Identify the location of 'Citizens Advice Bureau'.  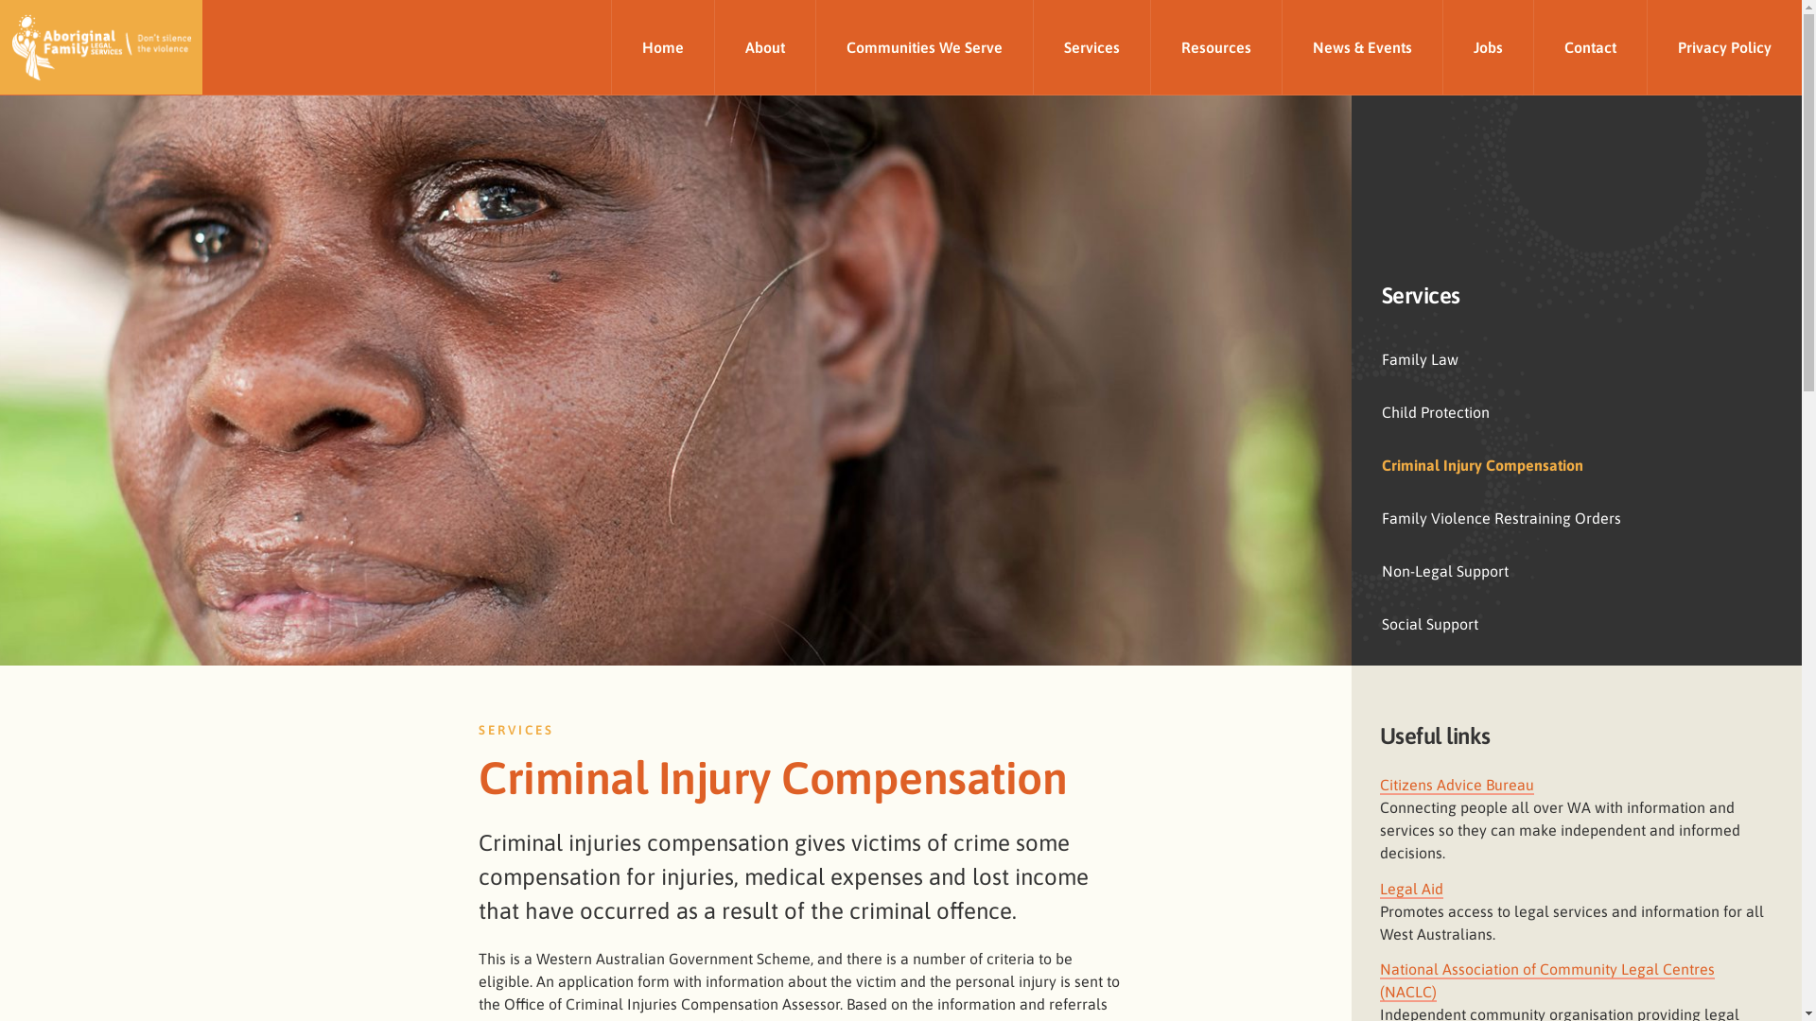
(1456, 785).